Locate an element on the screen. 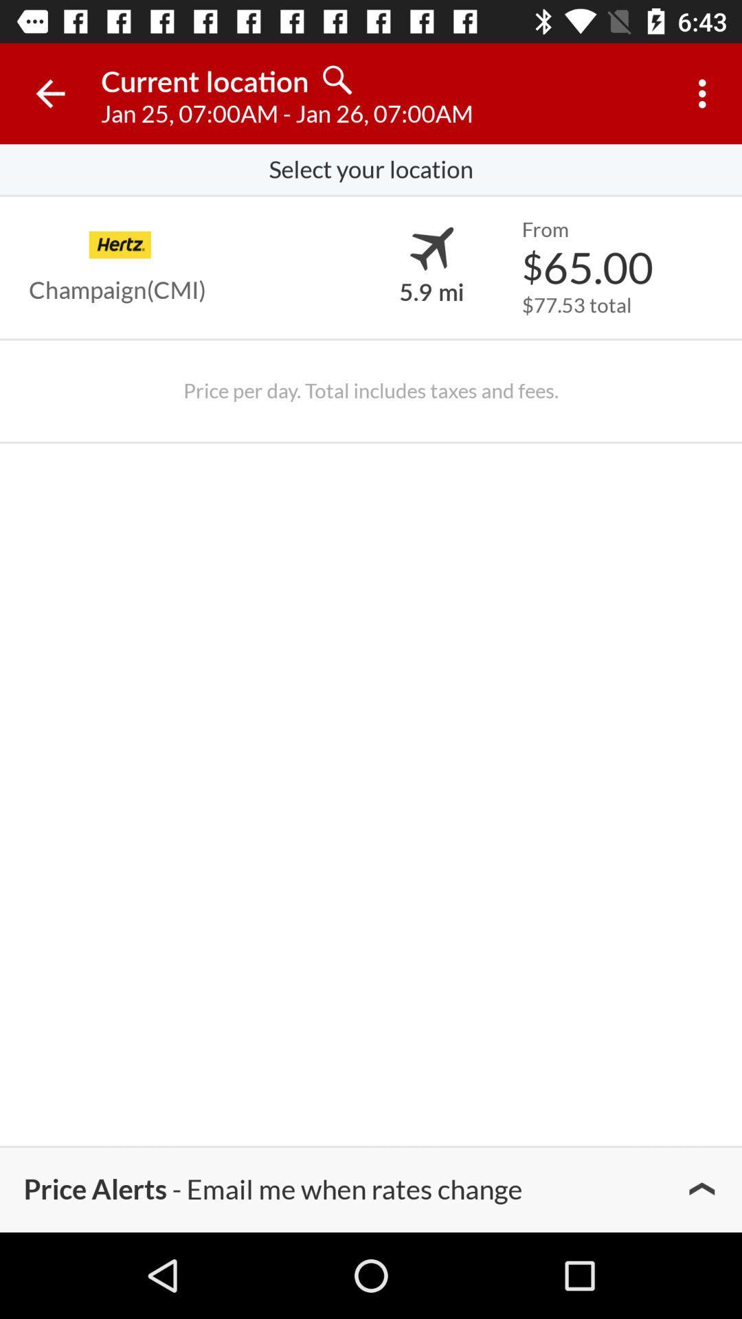 This screenshot has width=742, height=1319. the item to the left of the current location item is located at coordinates (49, 93).